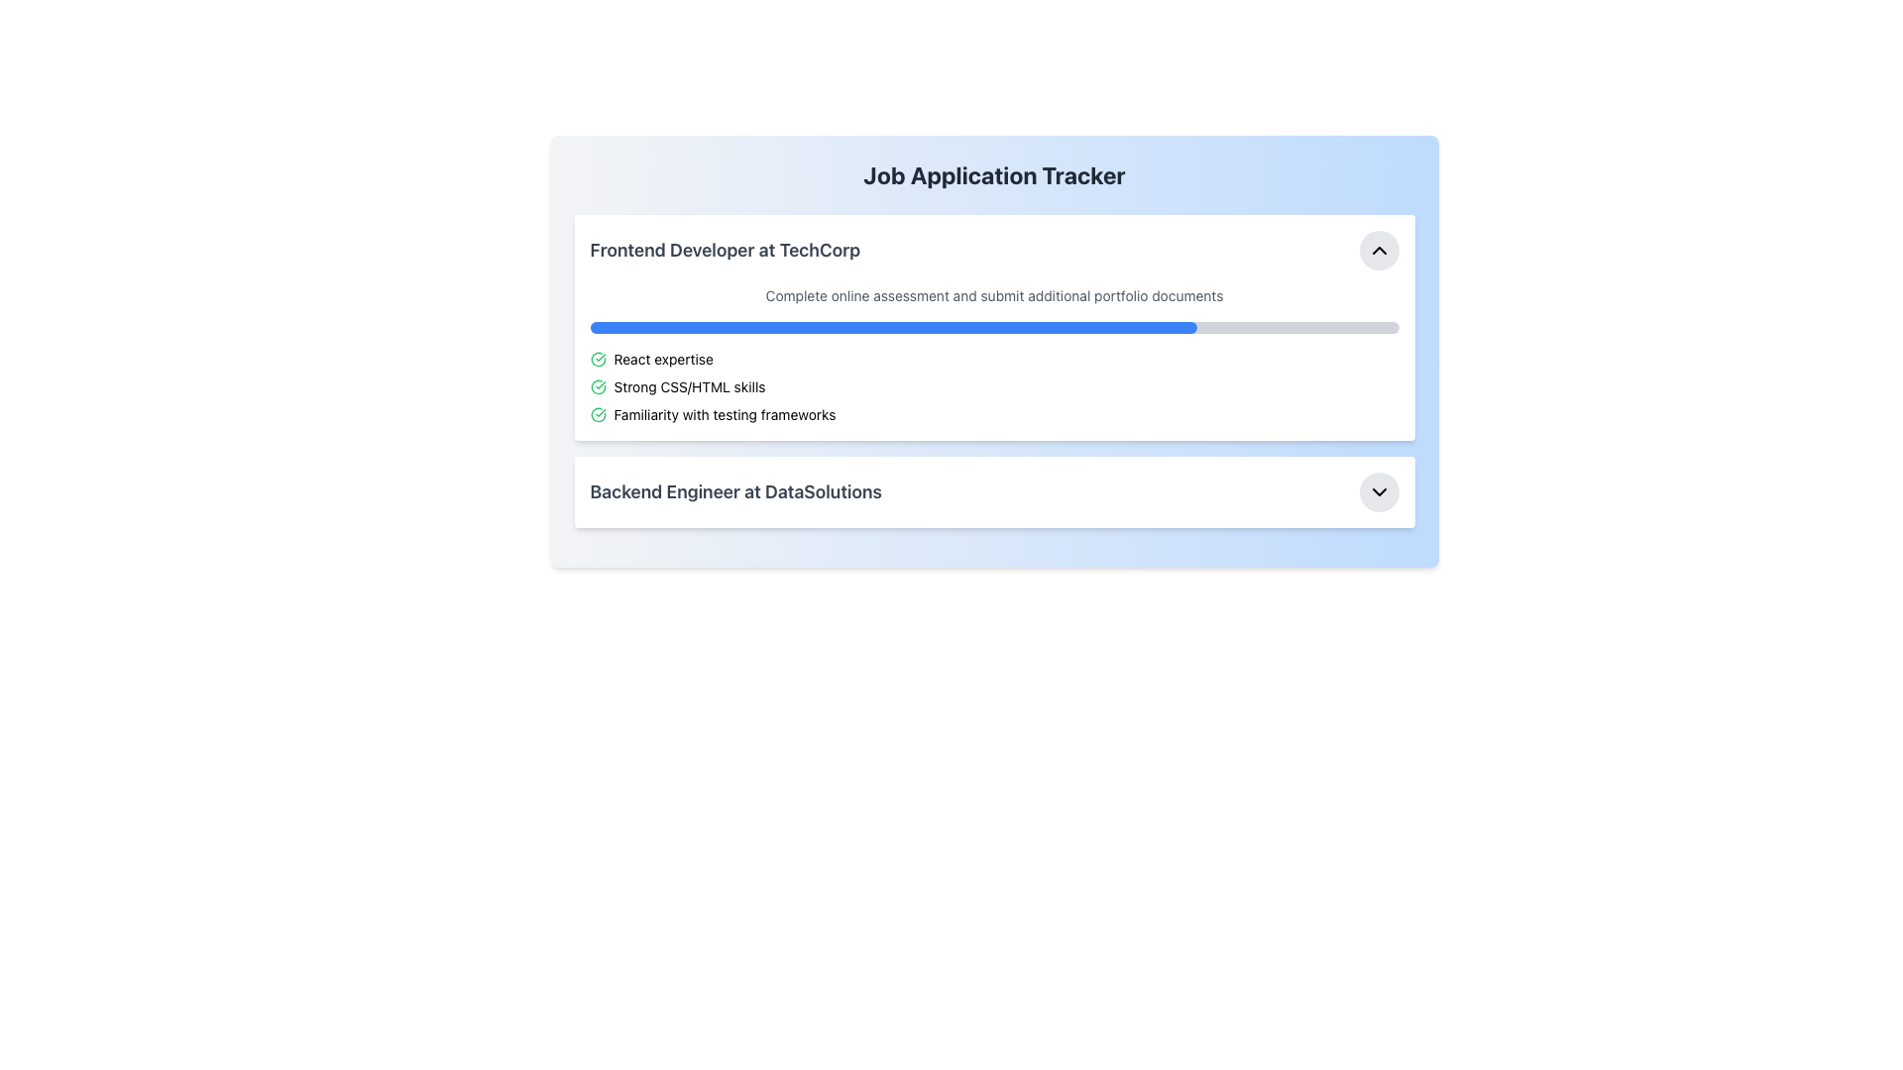 The image size is (1903, 1070). Describe the element at coordinates (1378, 491) in the screenshot. I see `the downward-pointing chevron icon located at the right end of the bottom job listing entry to observe its hover effect` at that location.